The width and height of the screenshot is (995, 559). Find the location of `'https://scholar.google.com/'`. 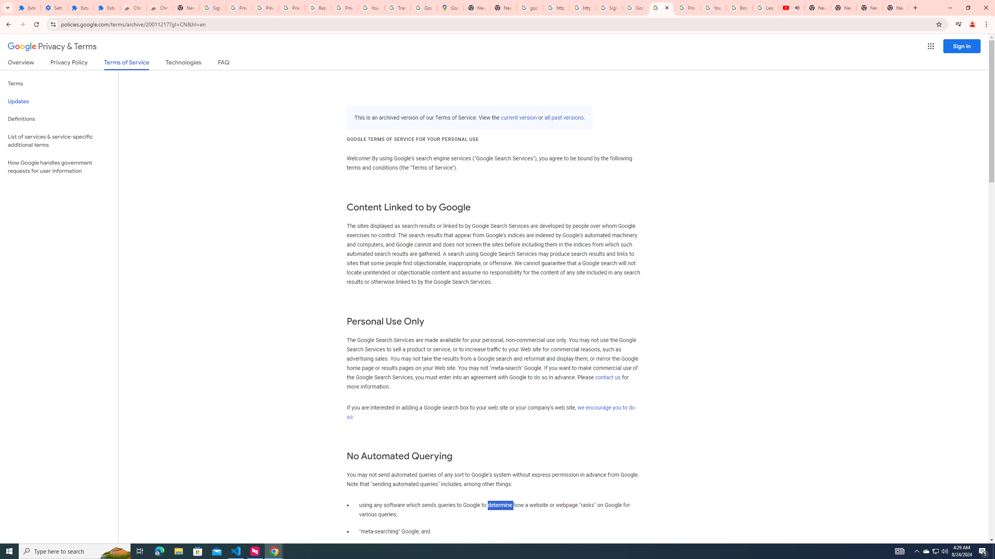

'https://scholar.google.com/' is located at coordinates (582, 7).